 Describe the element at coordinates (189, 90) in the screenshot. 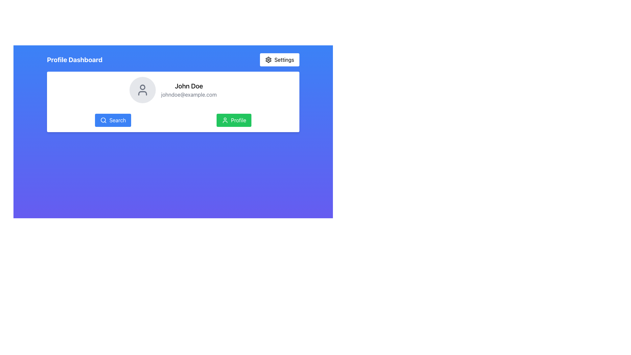

I see `the text display element that shows the user's name and email address in the profile dashboard` at that location.